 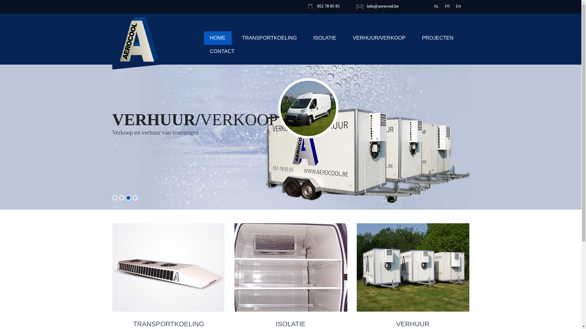 I want to click on 'PROJECTEN', so click(x=416, y=38).